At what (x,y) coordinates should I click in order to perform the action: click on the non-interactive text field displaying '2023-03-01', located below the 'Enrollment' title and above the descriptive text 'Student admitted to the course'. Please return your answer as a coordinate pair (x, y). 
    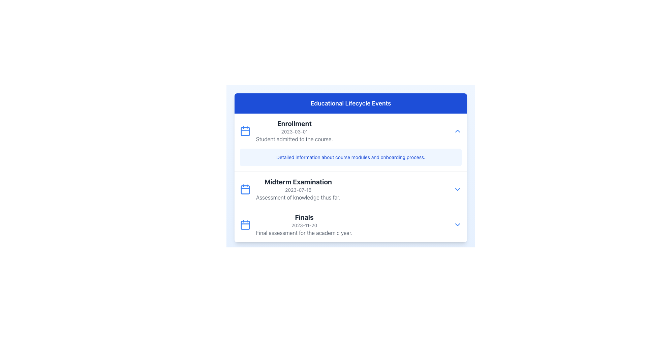
    Looking at the image, I should click on (294, 131).